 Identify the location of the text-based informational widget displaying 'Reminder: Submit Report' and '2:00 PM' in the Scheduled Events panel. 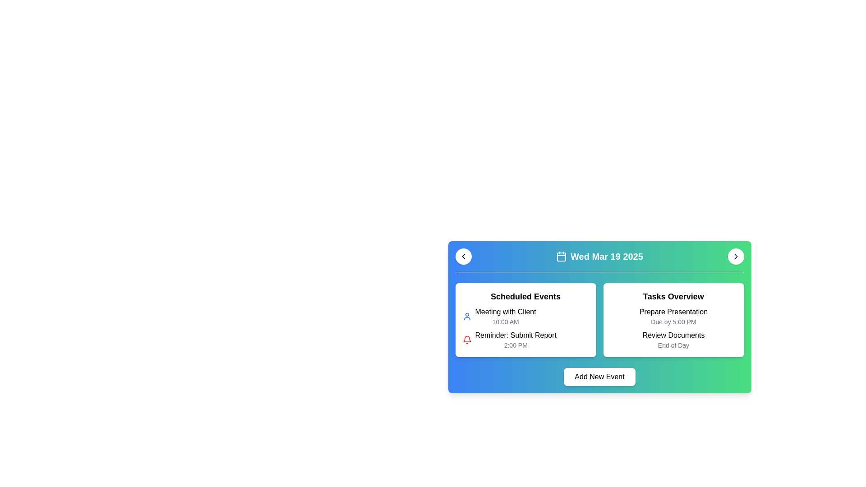
(516, 340).